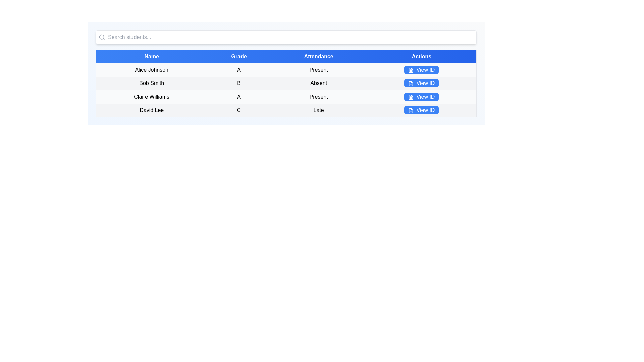 This screenshot has height=362, width=644. I want to click on the SVG icon resembling a document with text, which is located to the left of the 'View ID' button in the last row of the 'Actions' column, so click(411, 110).